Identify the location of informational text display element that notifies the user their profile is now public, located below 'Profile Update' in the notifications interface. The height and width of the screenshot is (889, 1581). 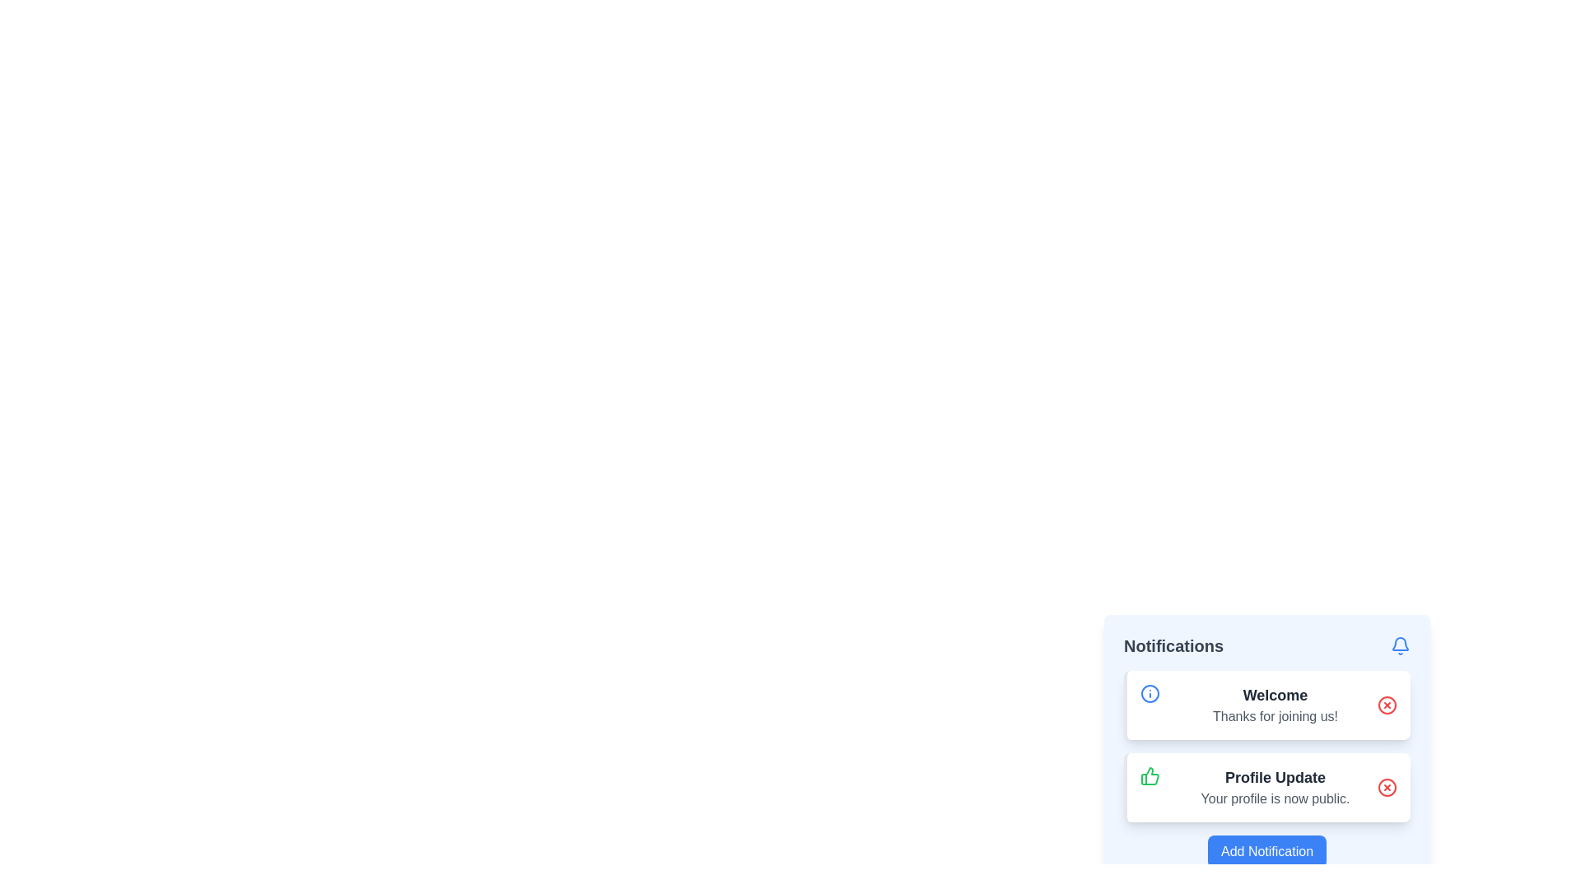
(1275, 798).